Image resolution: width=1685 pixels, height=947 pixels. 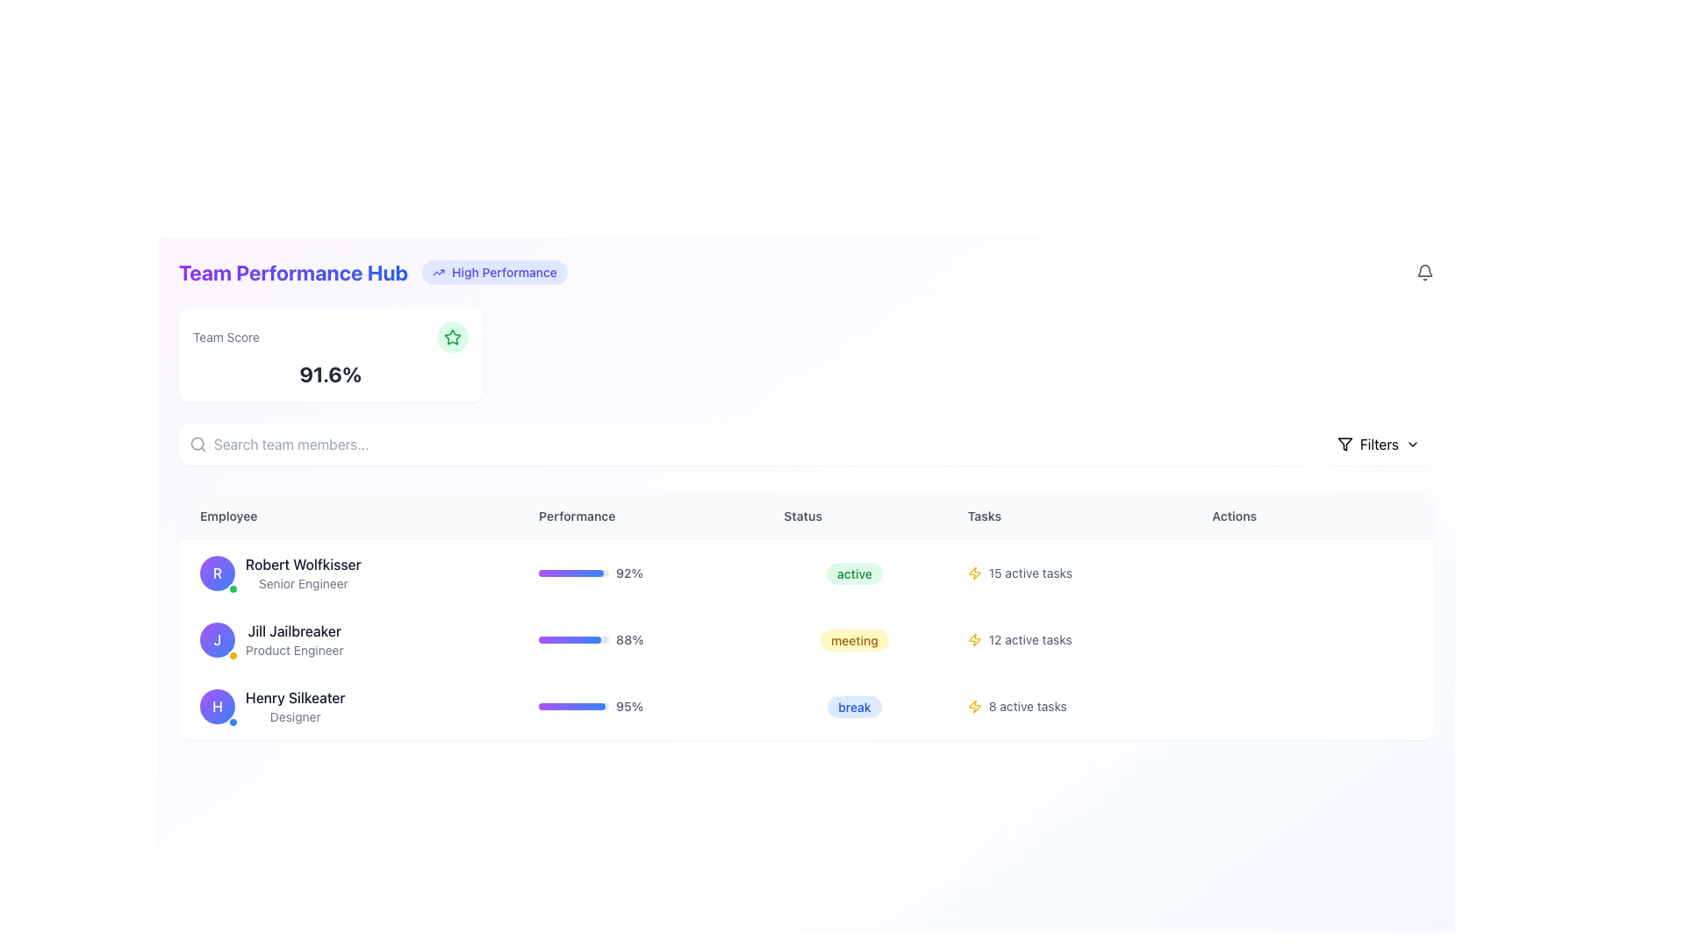 I want to click on the text element displaying the employee's name 'Robert Wolfkisser' to view detailed information, so click(x=303, y=565).